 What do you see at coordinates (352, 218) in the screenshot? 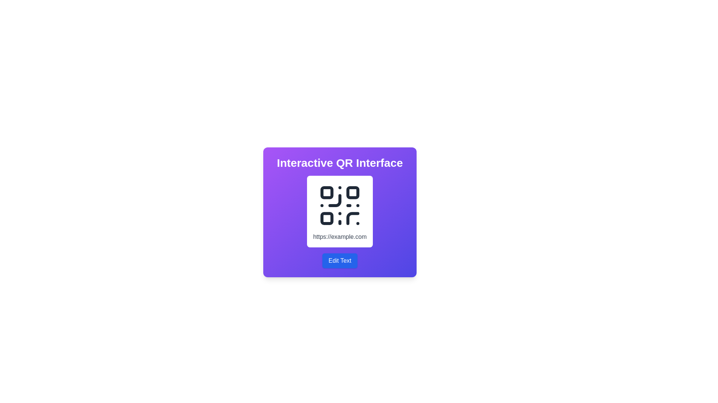
I see `the segment of the line and curve forming a partial rectangular shape within the QR code illustration, located in the bottom-right corner of the fourth quadrant` at bounding box center [352, 218].